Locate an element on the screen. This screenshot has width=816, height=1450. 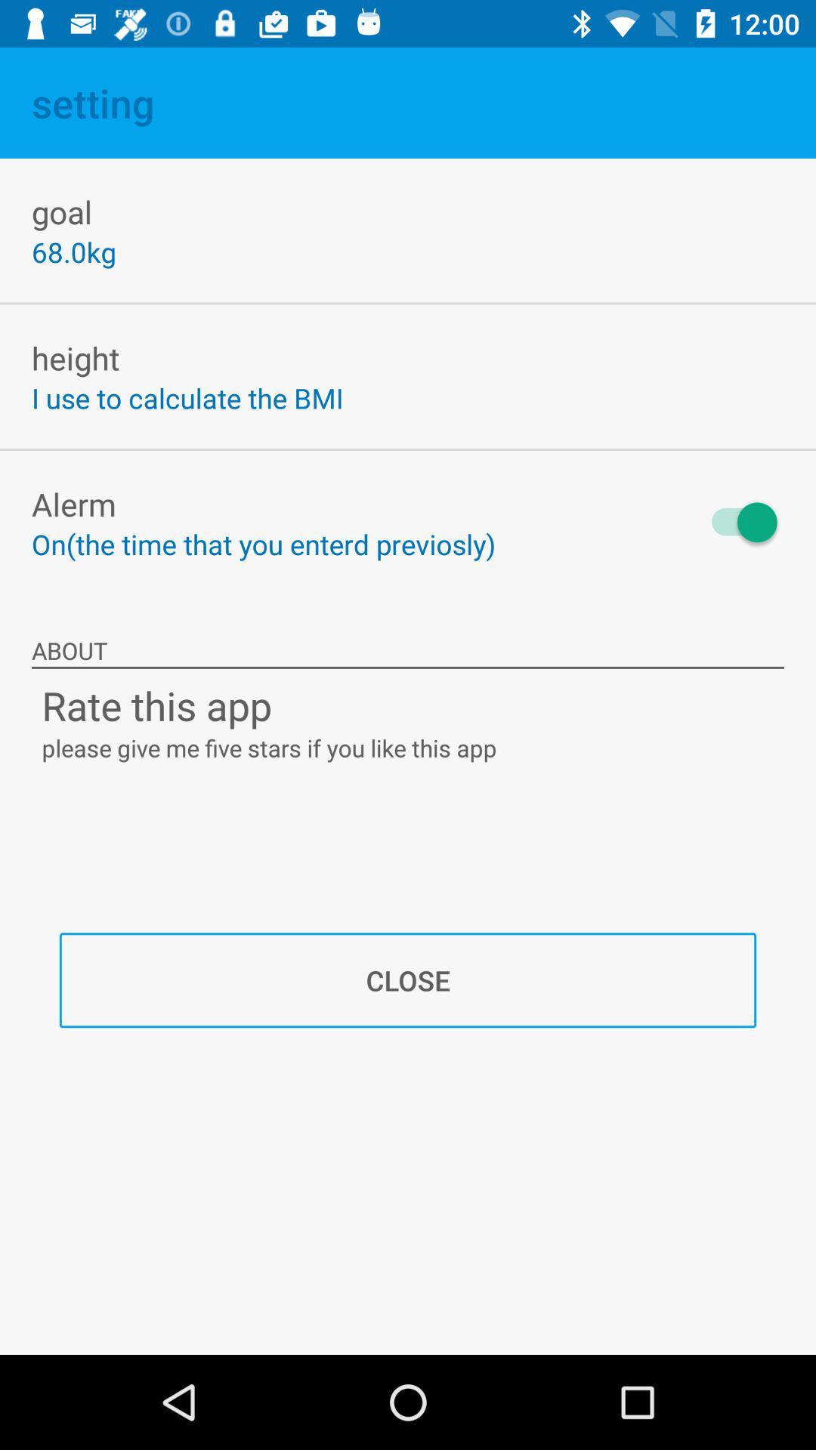
goal item is located at coordinates (61, 211).